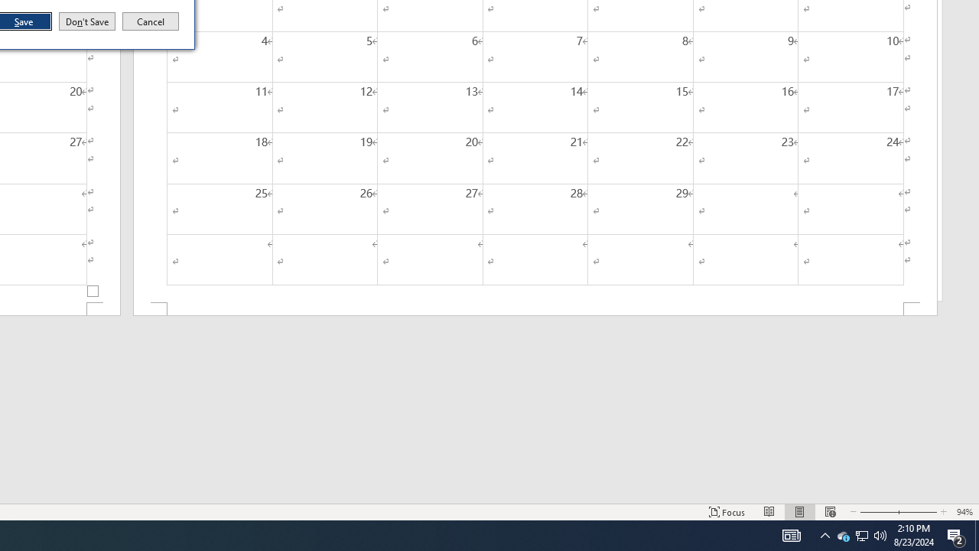 This screenshot has height=551, width=979. What do you see at coordinates (825, 534) in the screenshot?
I see `'Notification Chevron'` at bounding box center [825, 534].